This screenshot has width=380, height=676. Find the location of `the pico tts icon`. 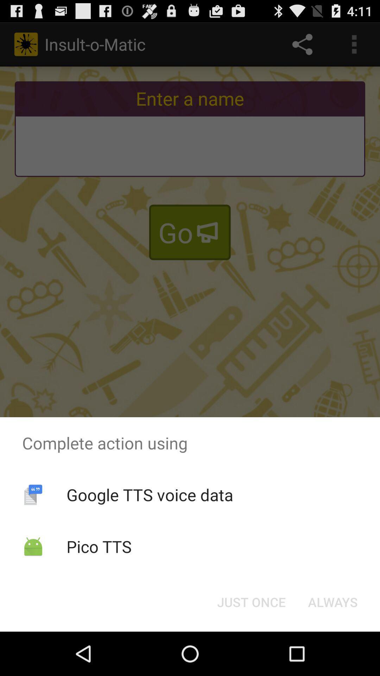

the pico tts icon is located at coordinates (99, 546).